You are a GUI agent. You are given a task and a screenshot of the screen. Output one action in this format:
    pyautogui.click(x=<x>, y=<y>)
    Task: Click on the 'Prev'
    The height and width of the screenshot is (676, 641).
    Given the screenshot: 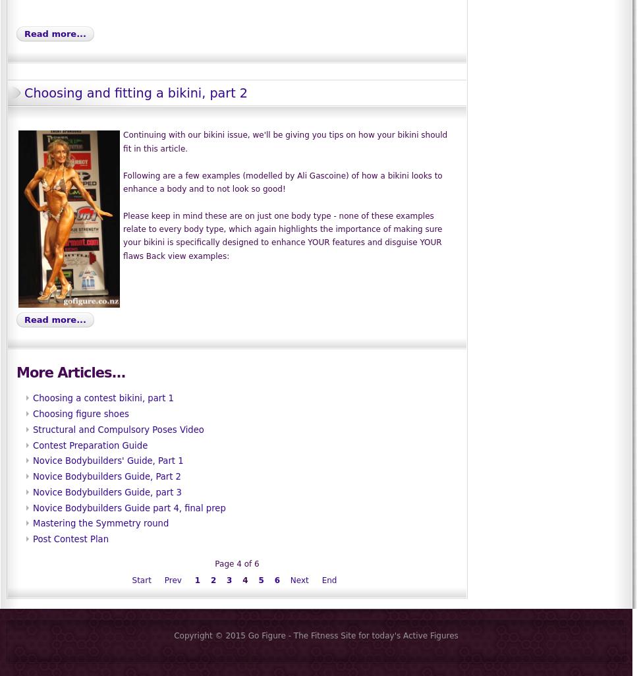 What is the action you would take?
    pyautogui.click(x=172, y=580)
    